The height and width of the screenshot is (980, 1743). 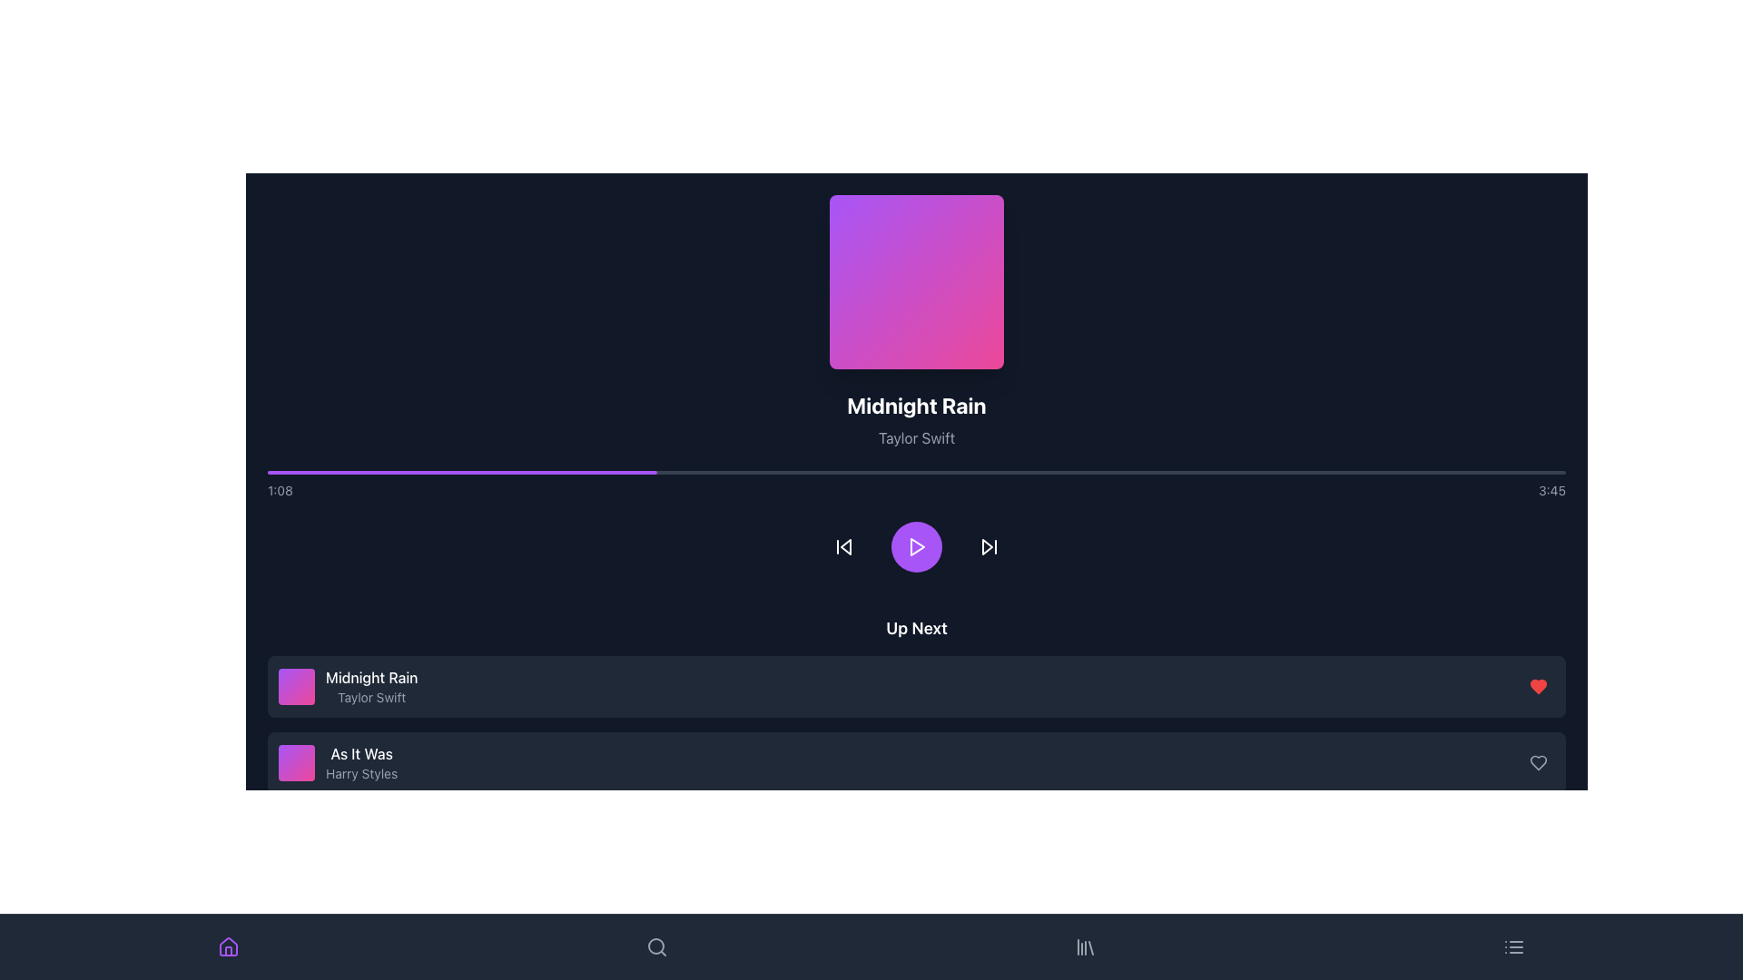 What do you see at coordinates (824, 471) in the screenshot?
I see `the progress` at bounding box center [824, 471].